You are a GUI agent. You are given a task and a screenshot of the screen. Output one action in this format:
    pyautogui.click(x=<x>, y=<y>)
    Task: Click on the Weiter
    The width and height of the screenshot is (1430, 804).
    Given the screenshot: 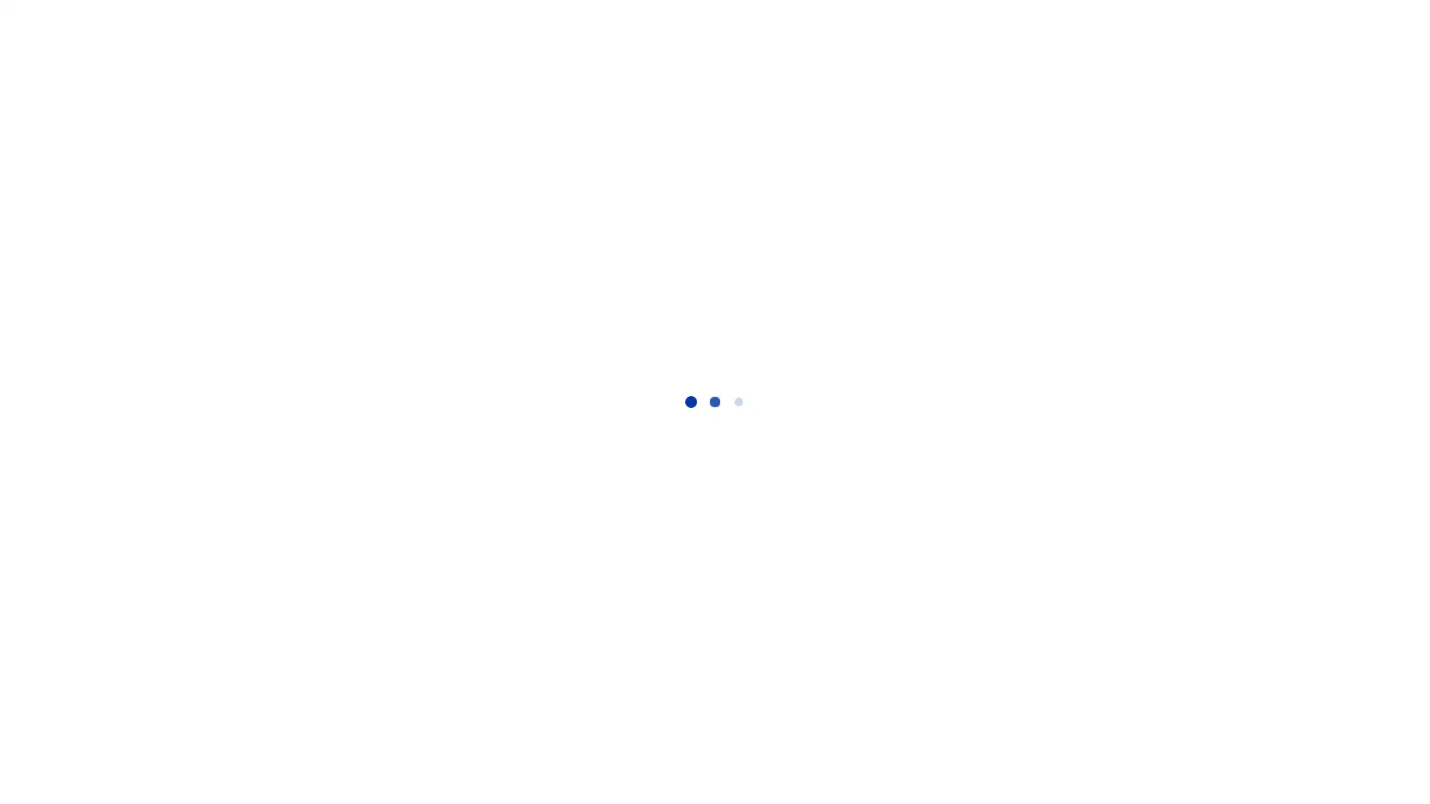 What is the action you would take?
    pyautogui.click(x=1032, y=356)
    